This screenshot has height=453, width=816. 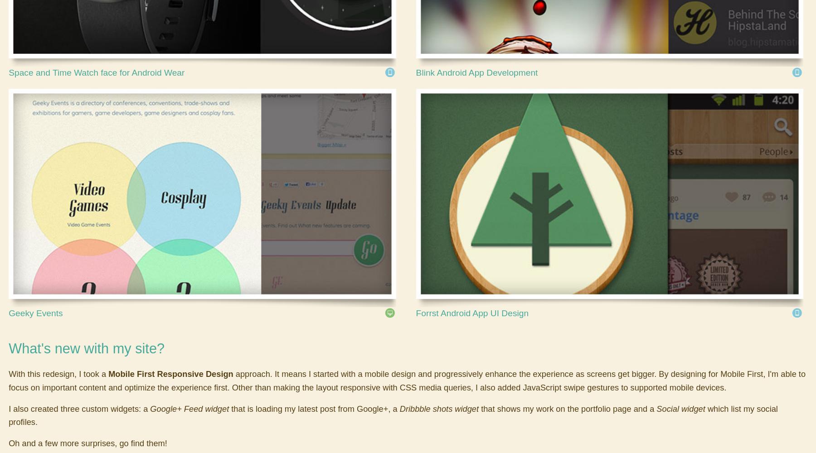 What do you see at coordinates (8, 380) in the screenshot?
I see `'approach. It means I started with a mobile design and progressively enhance the experience as screens get bigger. By designing for Mobile First, I'm able to focus on important content and optimize the experience first. Other than making the layout responsive with CSS media queries, I also added JavaScript swipe gestures to supported mobile devices.'` at bounding box center [8, 380].